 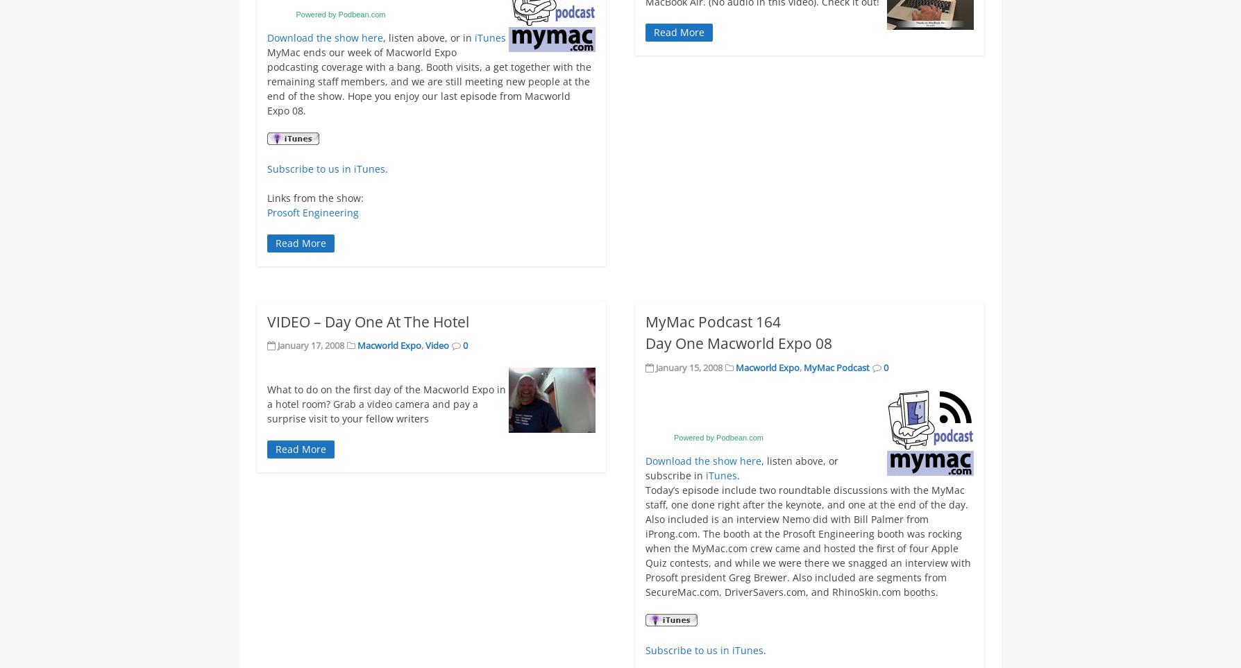 What do you see at coordinates (741, 468) in the screenshot?
I see `', listen above, or subscribe in'` at bounding box center [741, 468].